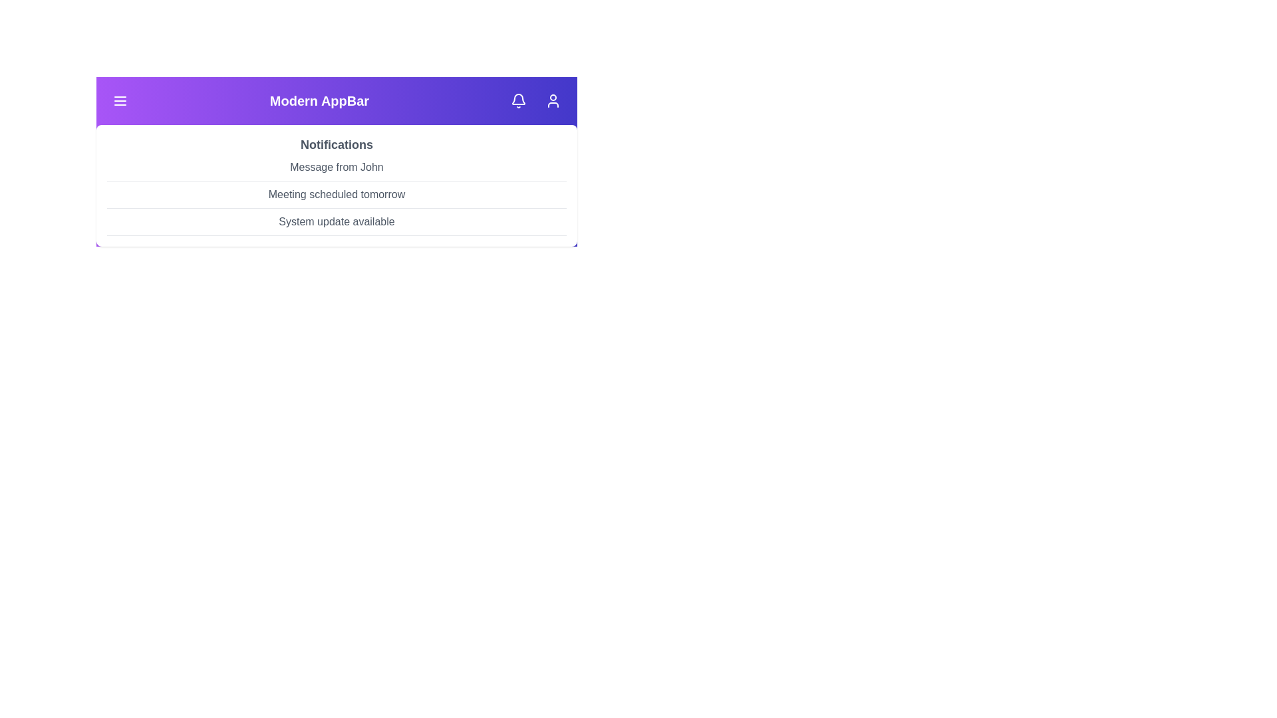 This screenshot has width=1277, height=718. I want to click on the user profile icon, so click(553, 100).